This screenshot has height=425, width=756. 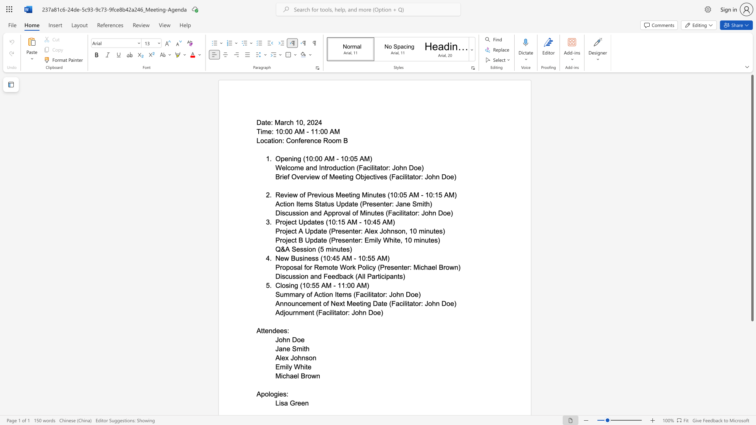 I want to click on the 1th character "t" in the text, so click(x=295, y=222).